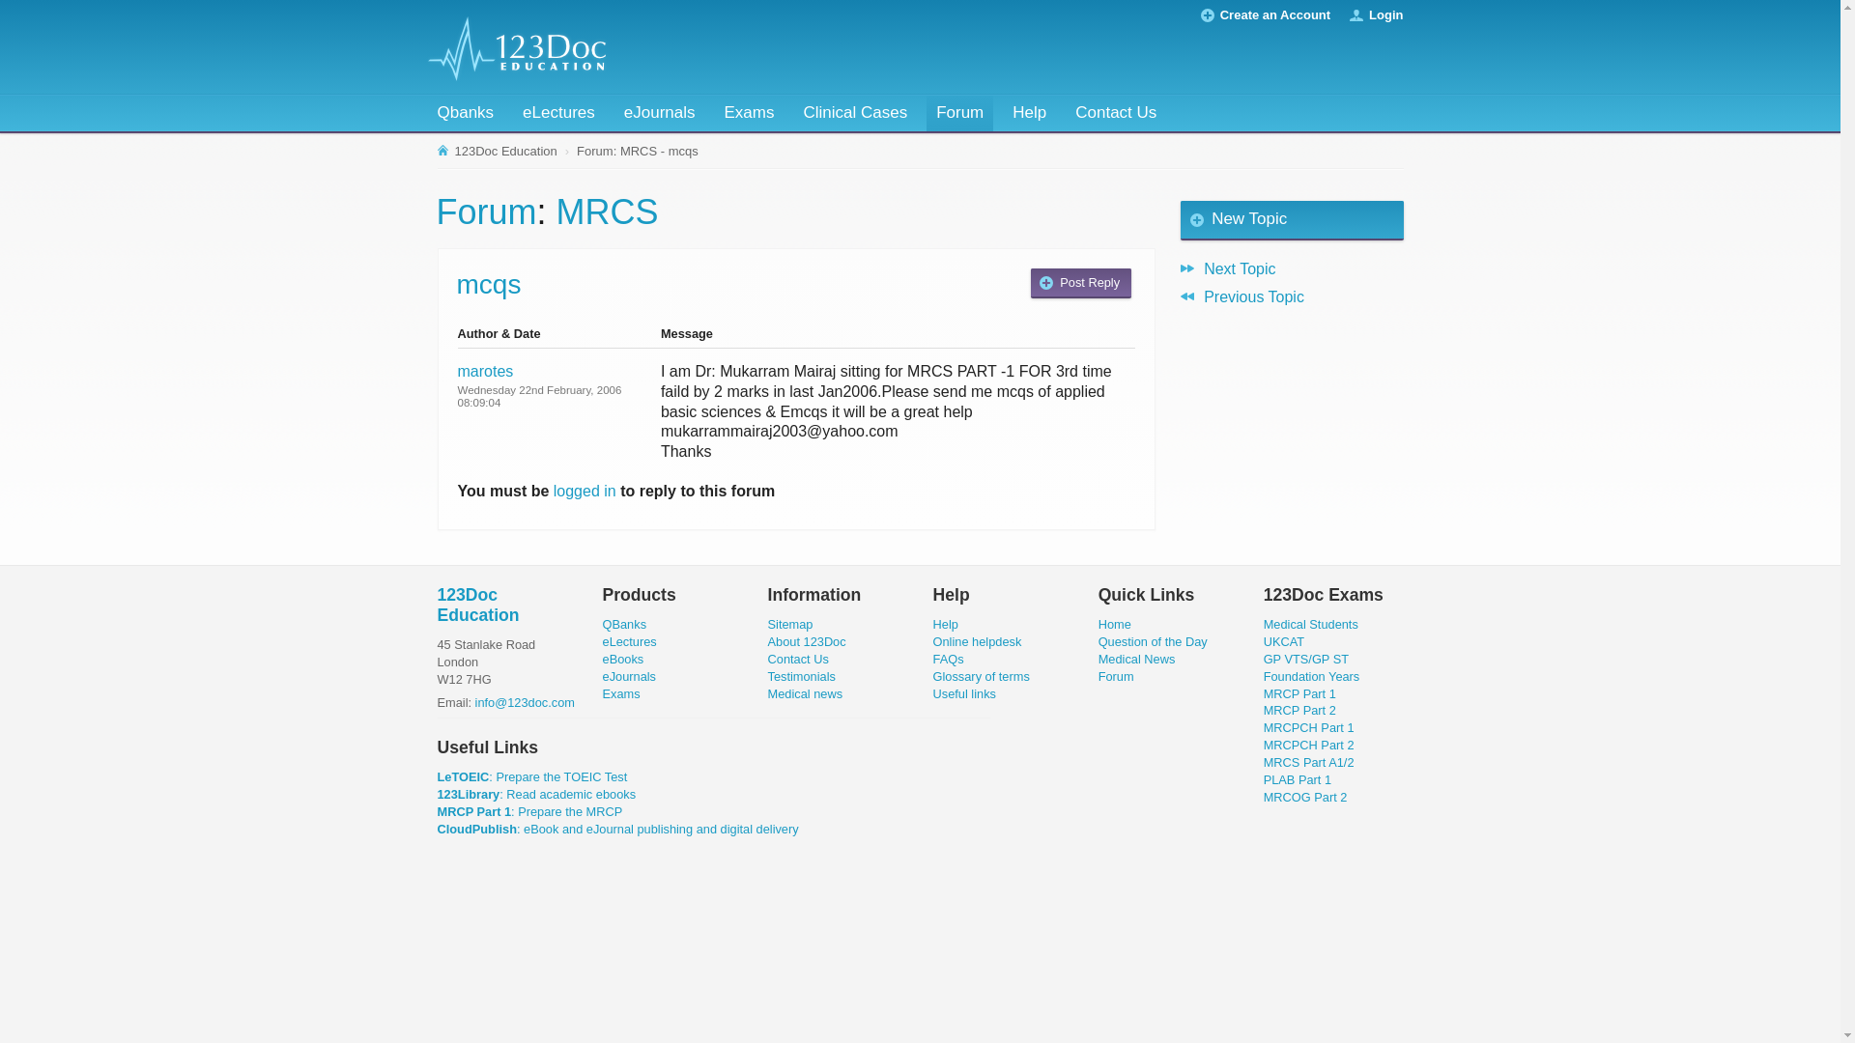  Describe the element at coordinates (486, 371) in the screenshot. I see `'marotes'` at that location.